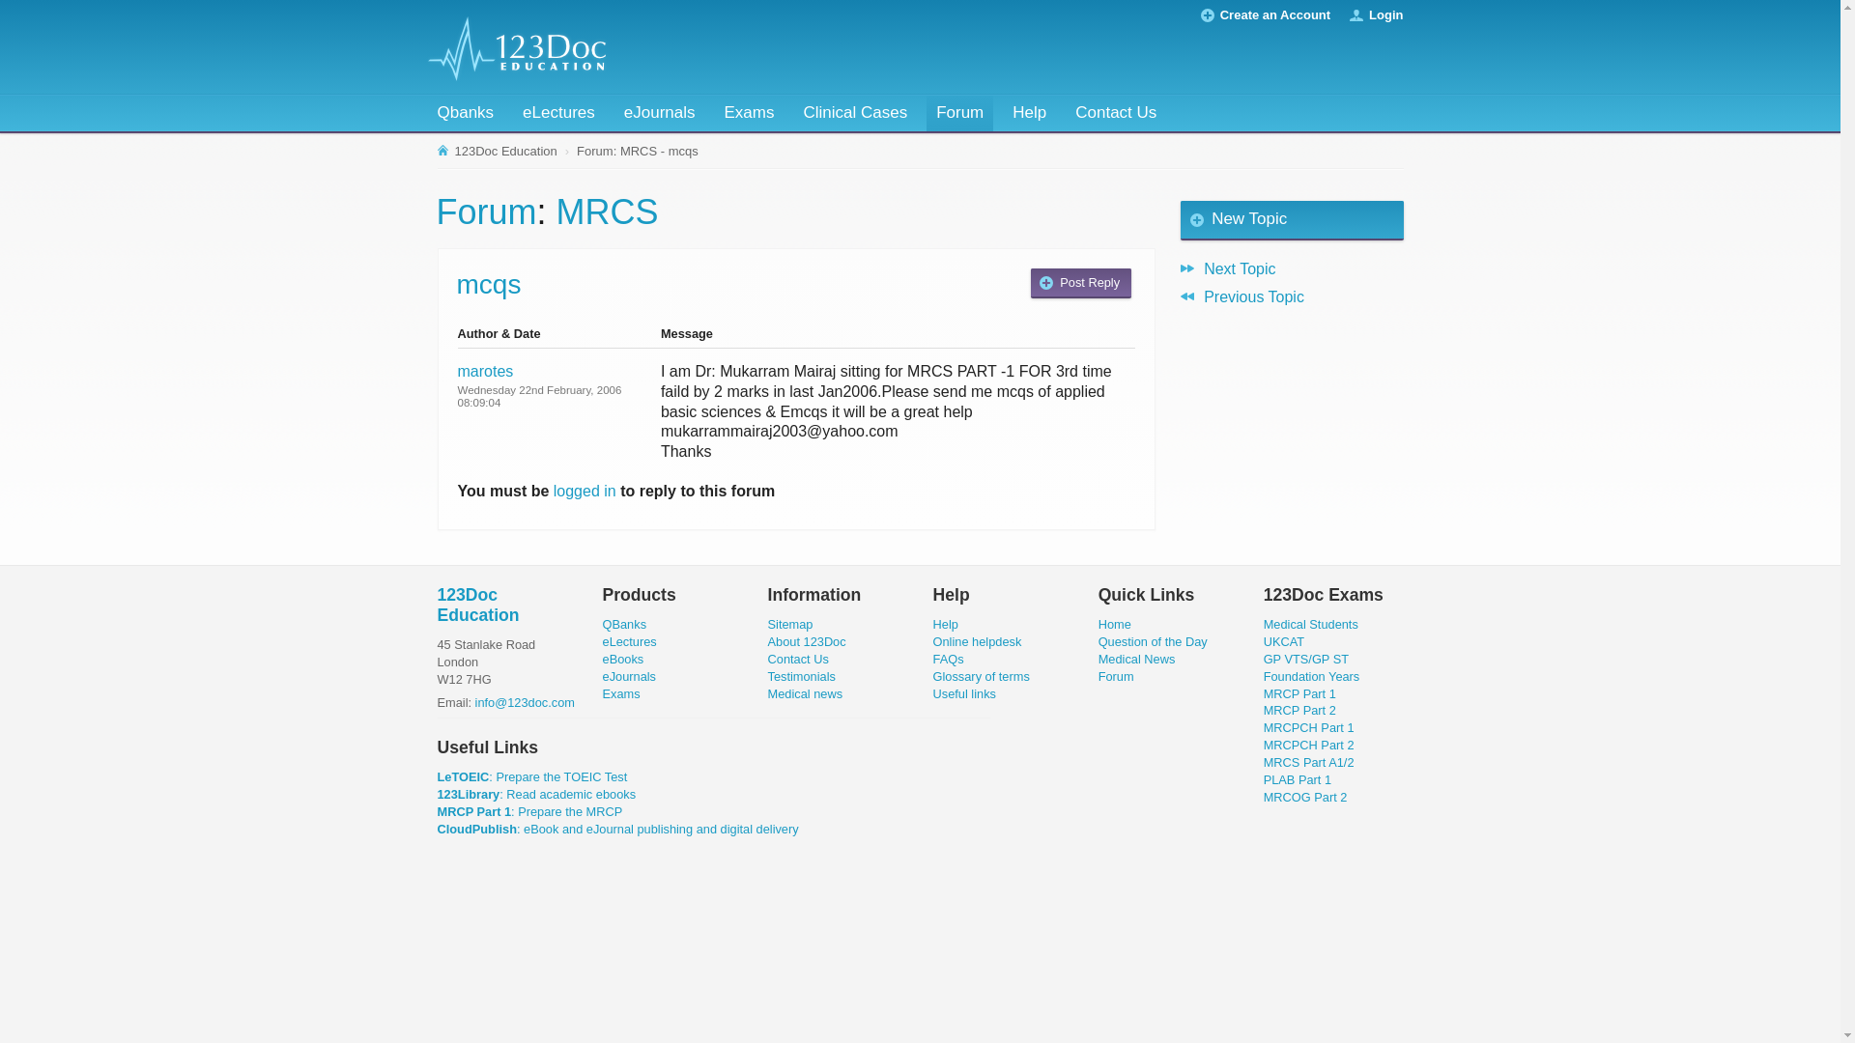  Describe the element at coordinates (486, 371) in the screenshot. I see `'marotes'` at that location.